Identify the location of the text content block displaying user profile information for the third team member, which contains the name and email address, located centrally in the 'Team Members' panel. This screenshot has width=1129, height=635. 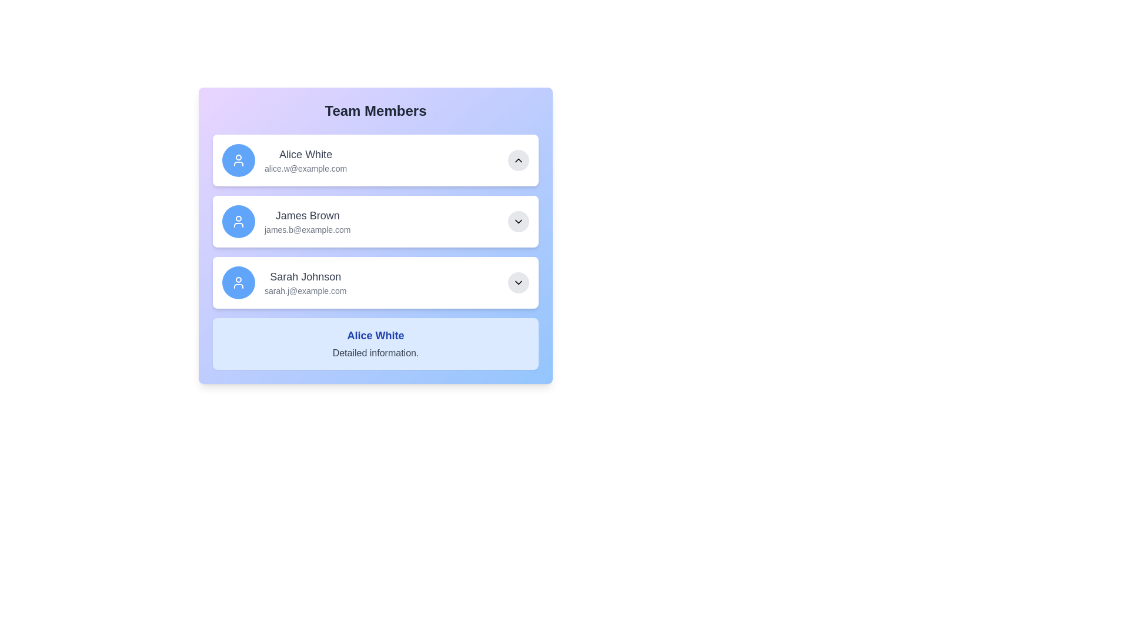
(305, 283).